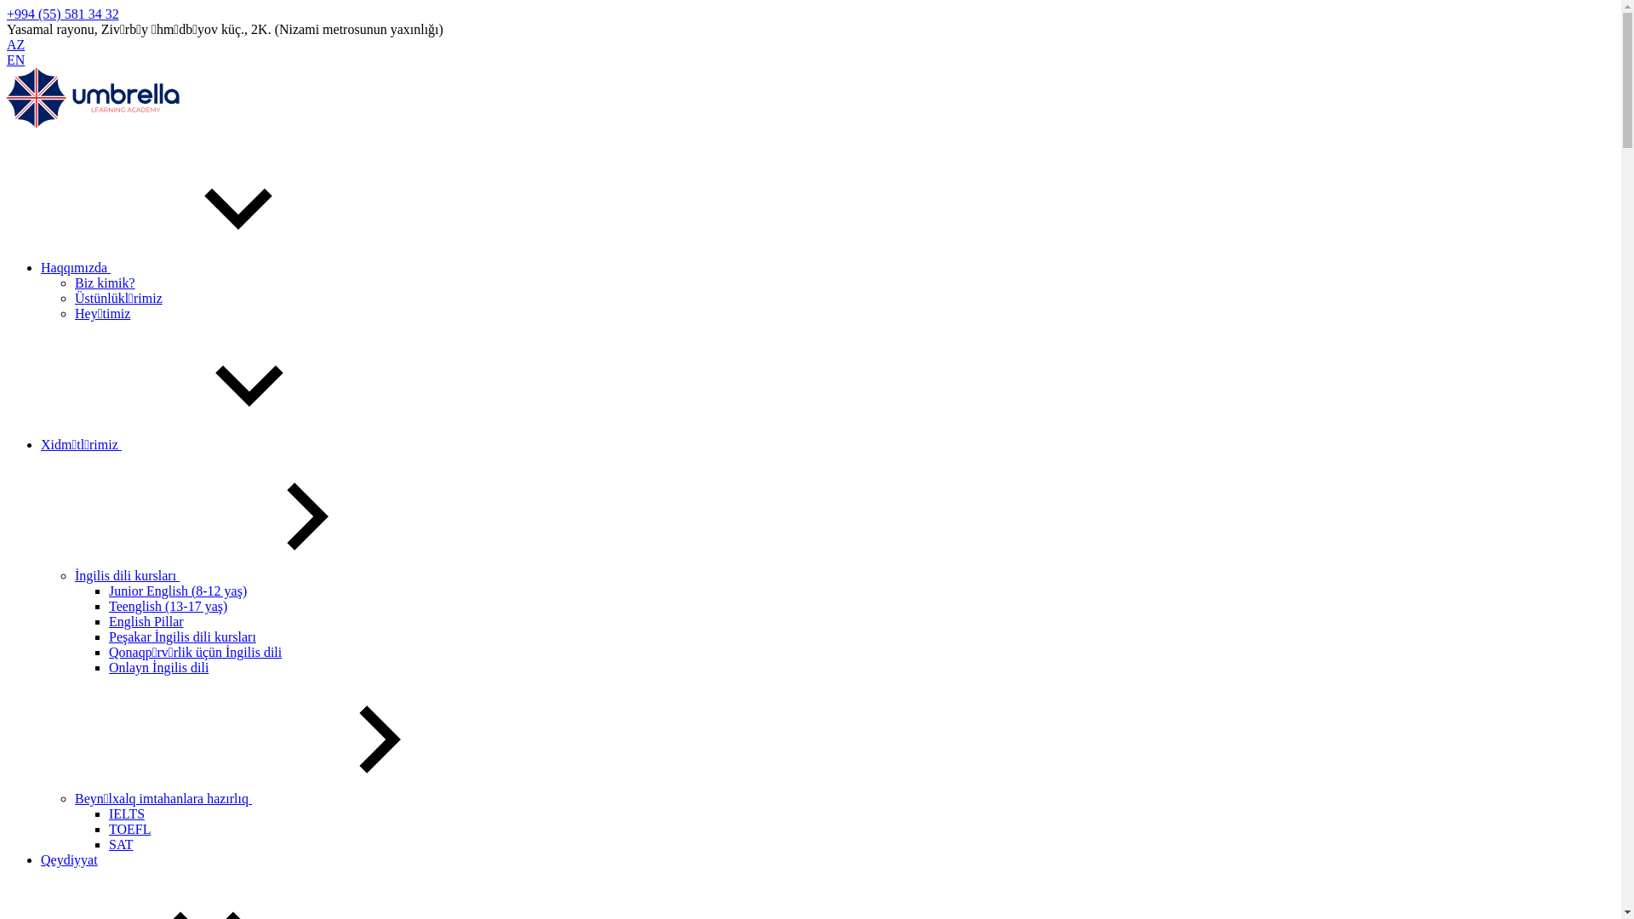 The image size is (1634, 919). Describe the element at coordinates (108, 844) in the screenshot. I see `'SAT'` at that location.